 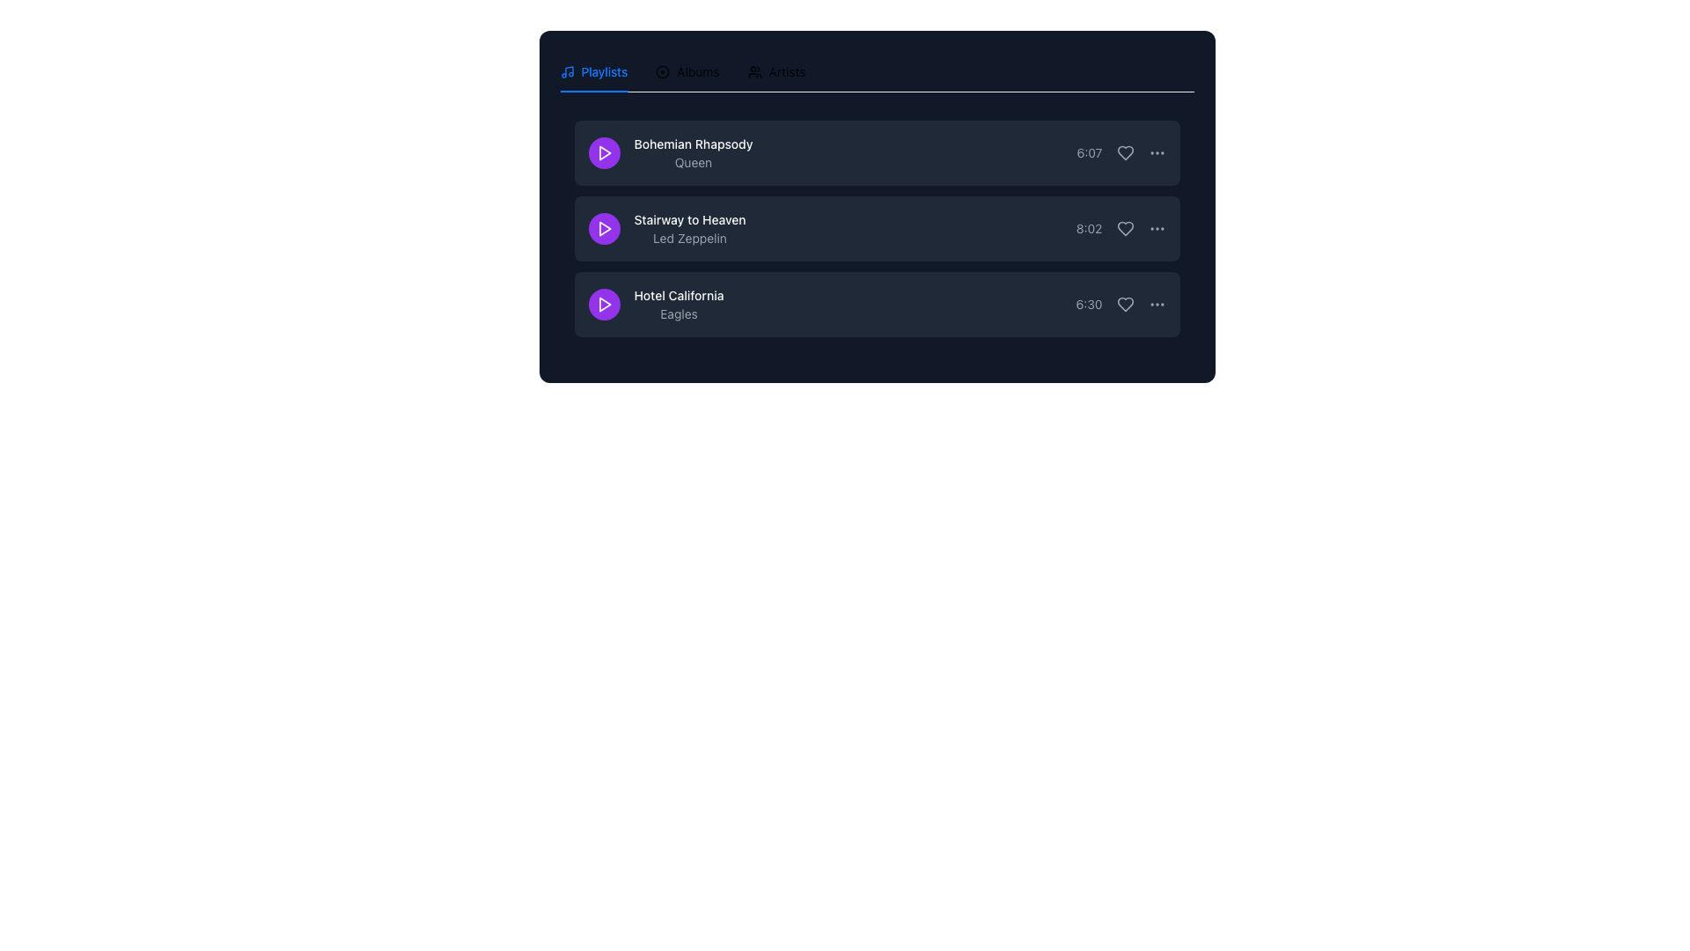 I want to click on text label displaying 'Eagles' which is positioned below the title 'Hotel California', so click(x=678, y=313).